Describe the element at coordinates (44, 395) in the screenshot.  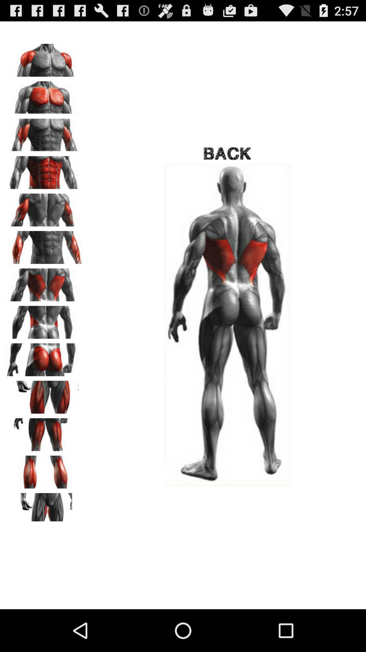
I see `display figure` at that location.